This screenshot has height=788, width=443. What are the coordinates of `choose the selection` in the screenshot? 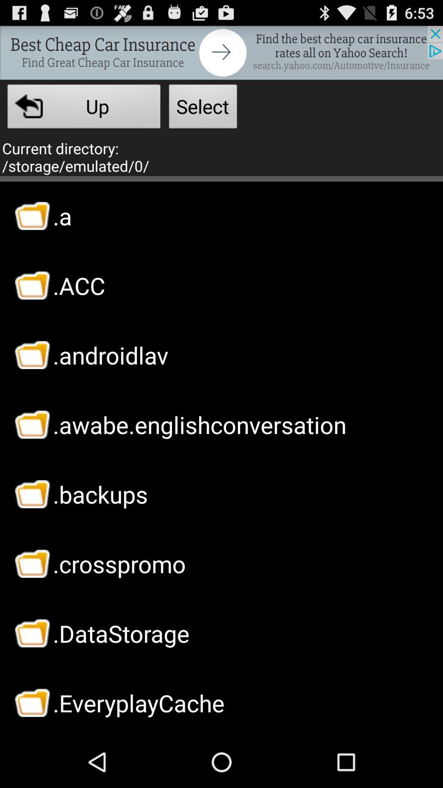 It's located at (221, 52).